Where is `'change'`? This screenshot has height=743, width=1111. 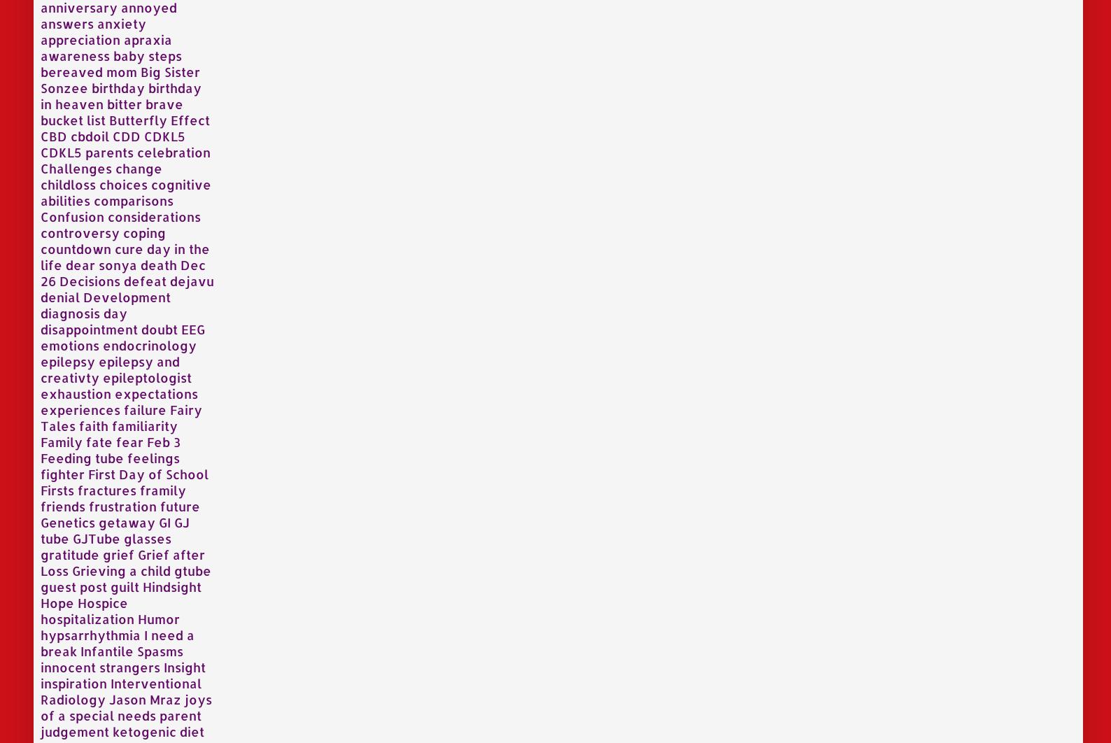 'change' is located at coordinates (138, 167).